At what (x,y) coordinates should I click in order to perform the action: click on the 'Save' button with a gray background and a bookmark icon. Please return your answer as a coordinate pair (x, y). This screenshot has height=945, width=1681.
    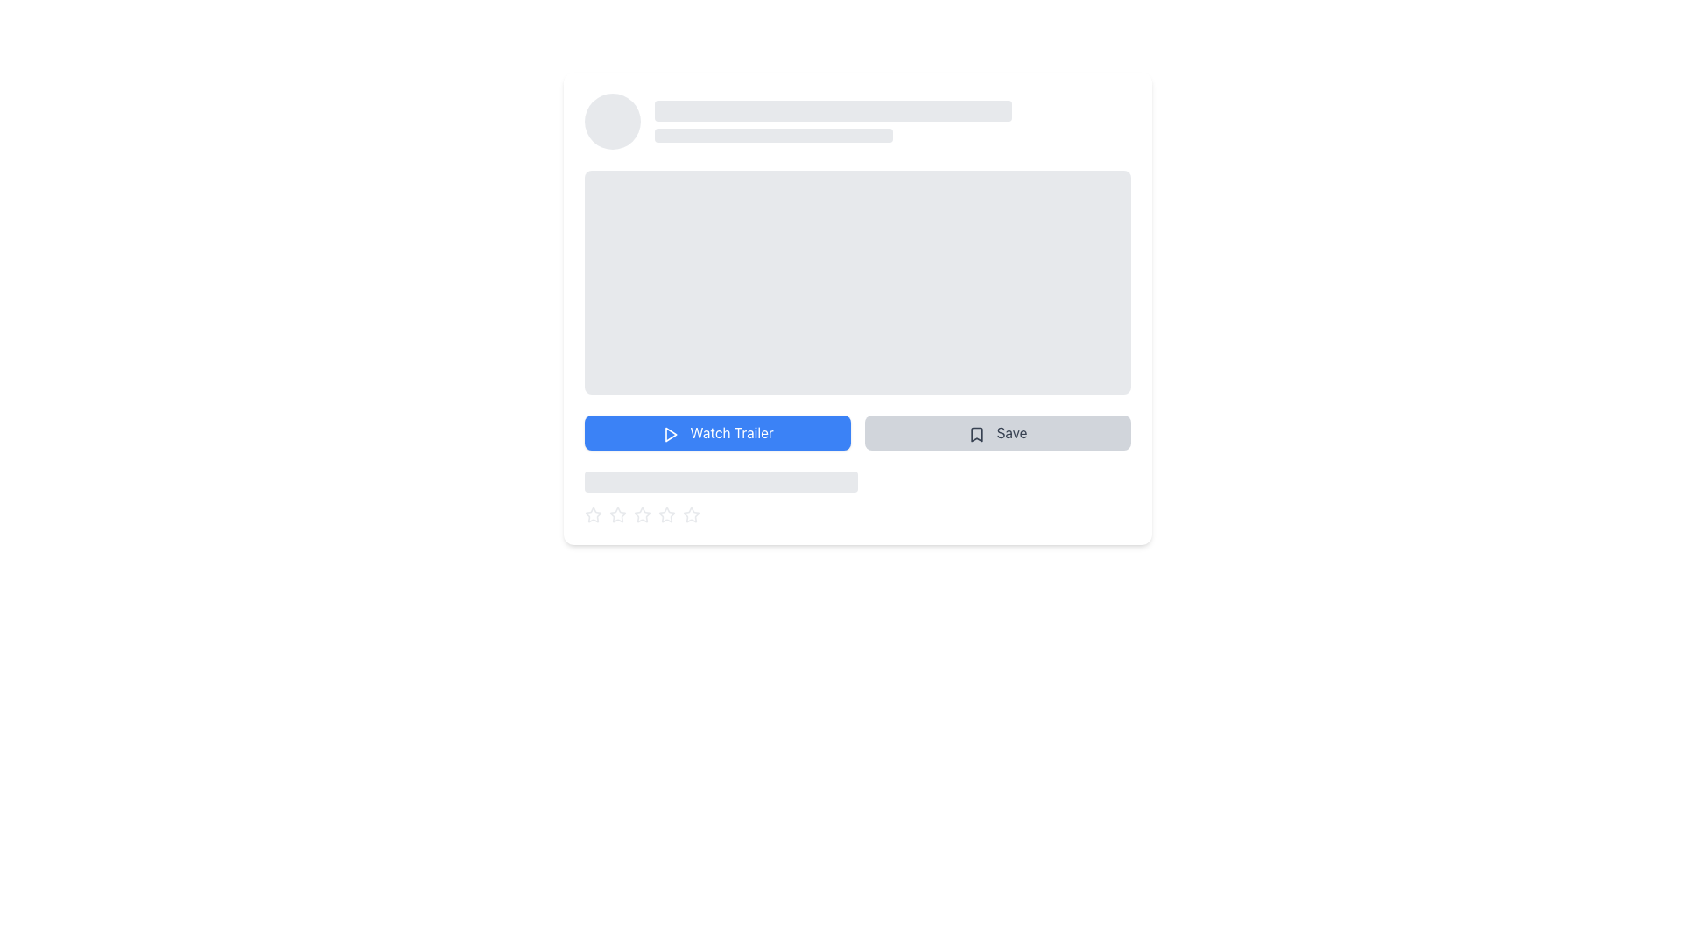
    Looking at the image, I should click on (998, 432).